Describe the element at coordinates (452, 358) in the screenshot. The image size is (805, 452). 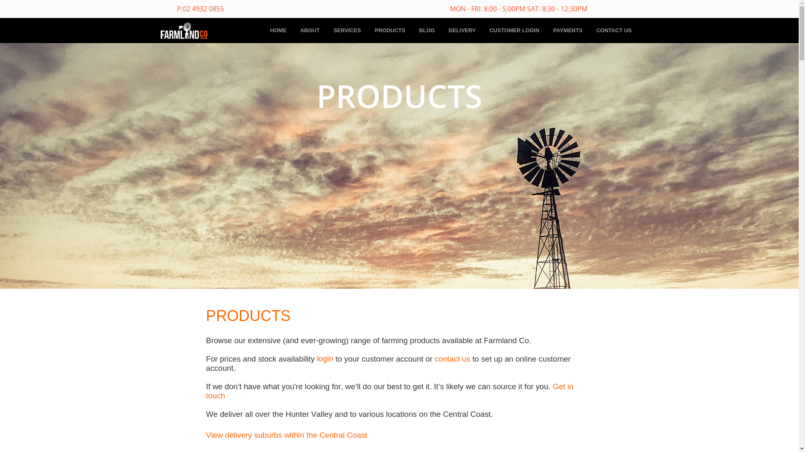
I see `'contact us'` at that location.